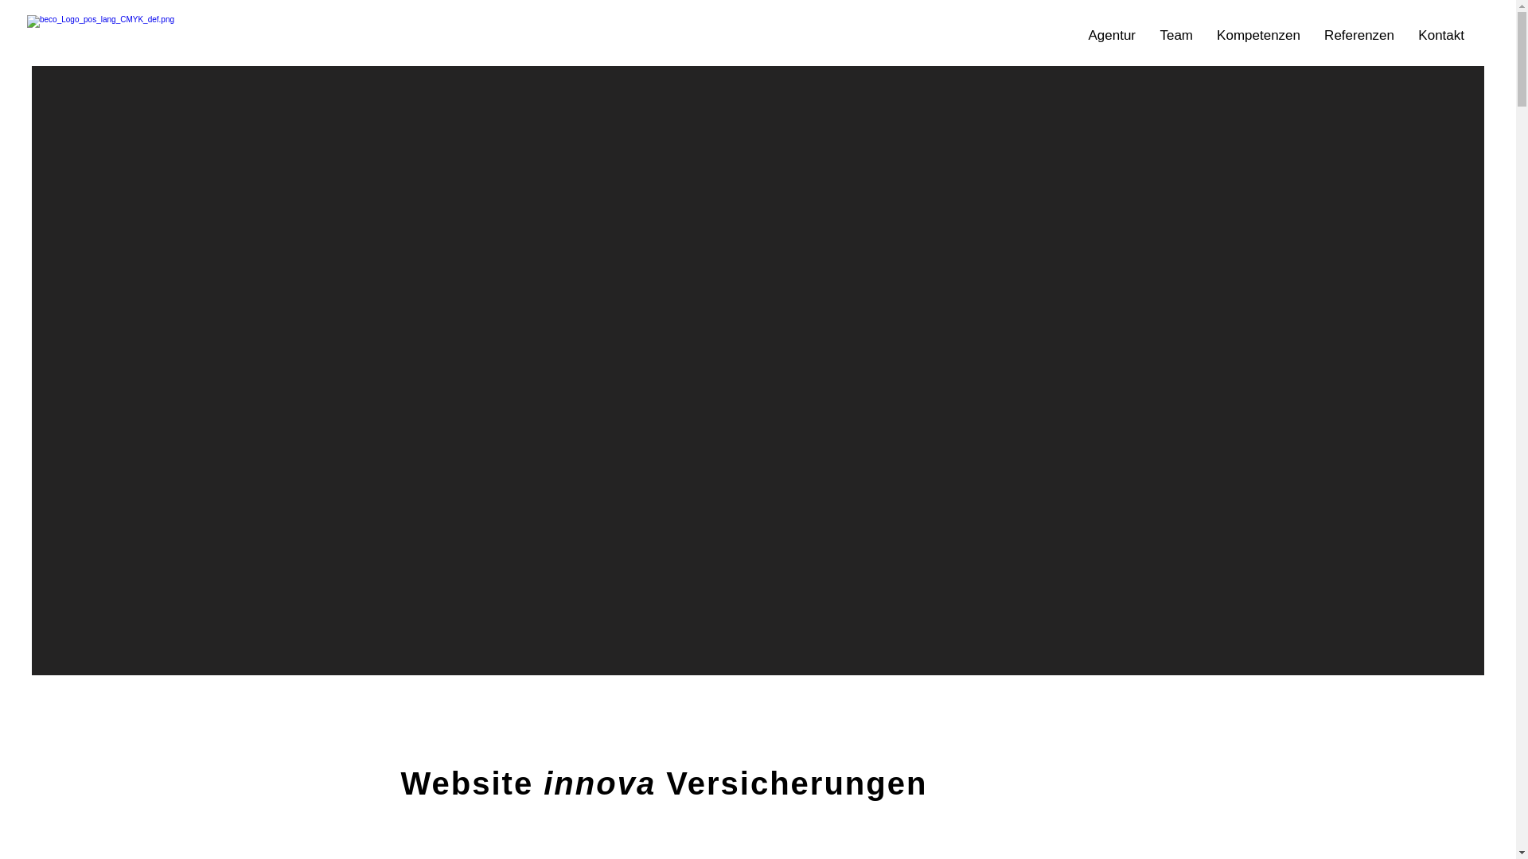 The image size is (1528, 859). Describe the element at coordinates (1312, 36) in the screenshot. I see `'Referenzen'` at that location.